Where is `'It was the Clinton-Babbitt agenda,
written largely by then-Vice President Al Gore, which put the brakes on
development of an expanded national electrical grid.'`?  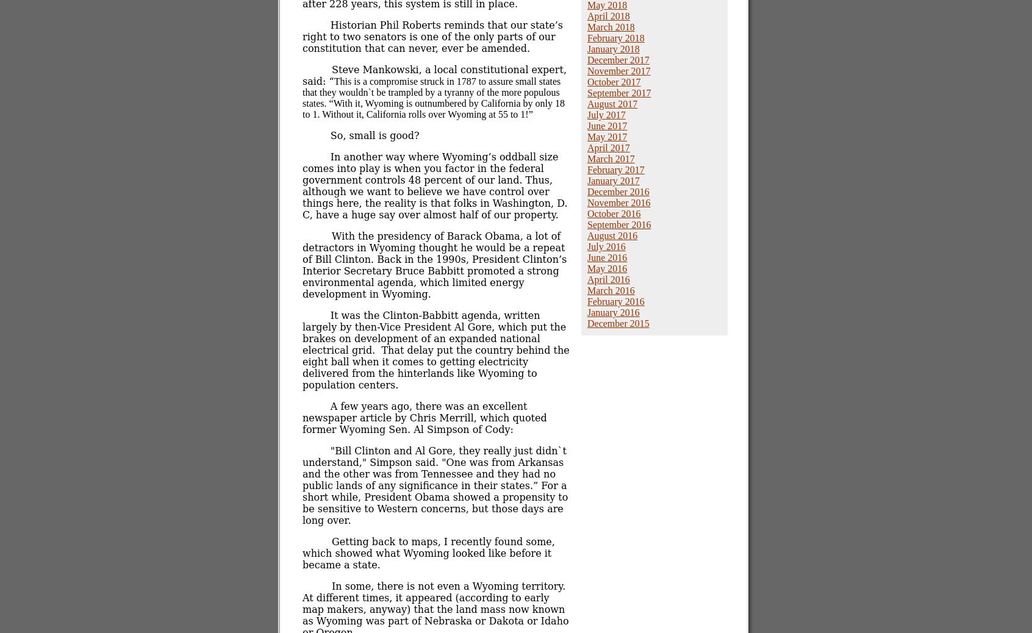 'It was the Clinton-Babbitt agenda,
written largely by then-Vice President Al Gore, which put the brakes on
development of an expanded national electrical grid.' is located at coordinates (302, 332).